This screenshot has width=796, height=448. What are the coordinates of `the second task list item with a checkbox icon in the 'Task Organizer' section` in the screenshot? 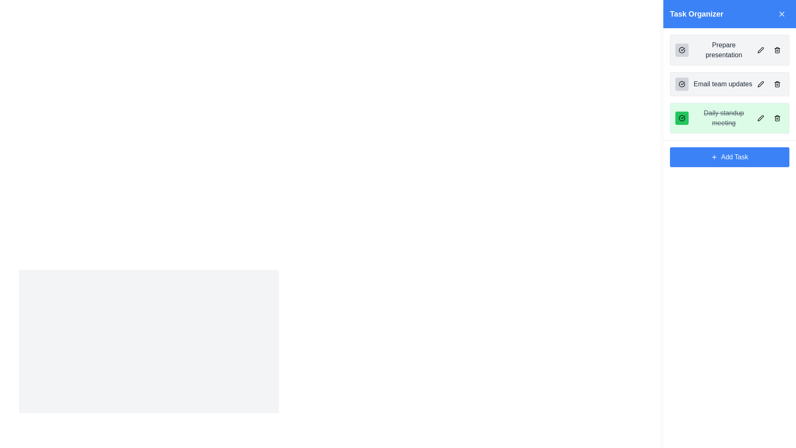 It's located at (713, 84).